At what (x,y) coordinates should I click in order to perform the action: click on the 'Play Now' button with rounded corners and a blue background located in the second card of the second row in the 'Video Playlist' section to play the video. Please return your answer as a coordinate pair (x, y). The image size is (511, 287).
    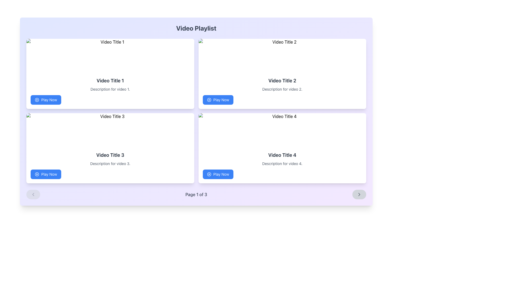
    Looking at the image, I should click on (218, 100).